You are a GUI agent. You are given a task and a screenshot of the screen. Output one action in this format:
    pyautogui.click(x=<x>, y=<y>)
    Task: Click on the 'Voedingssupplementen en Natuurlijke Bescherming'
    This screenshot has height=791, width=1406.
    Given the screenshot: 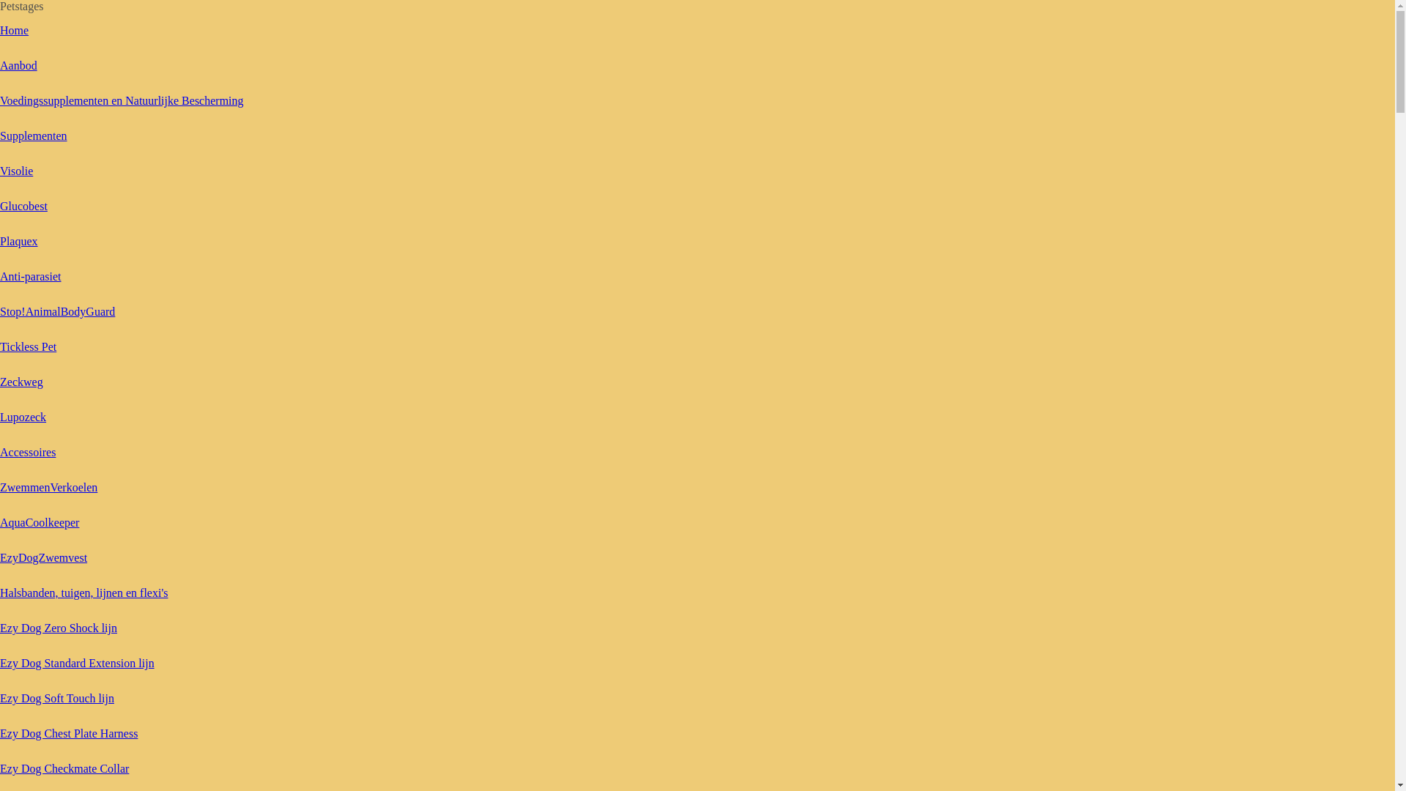 What is the action you would take?
    pyautogui.click(x=122, y=100)
    